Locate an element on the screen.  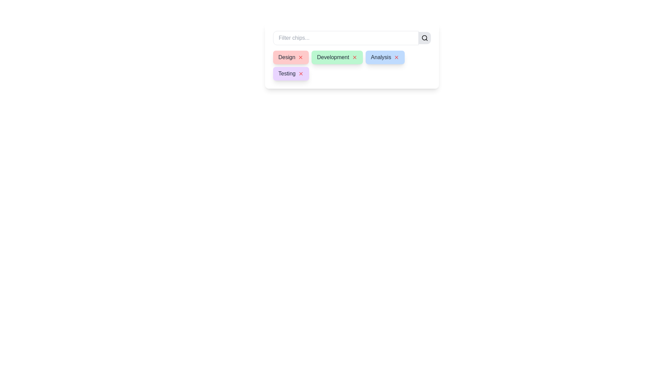
the chip labeled Development by clicking its close button is located at coordinates (354, 57).